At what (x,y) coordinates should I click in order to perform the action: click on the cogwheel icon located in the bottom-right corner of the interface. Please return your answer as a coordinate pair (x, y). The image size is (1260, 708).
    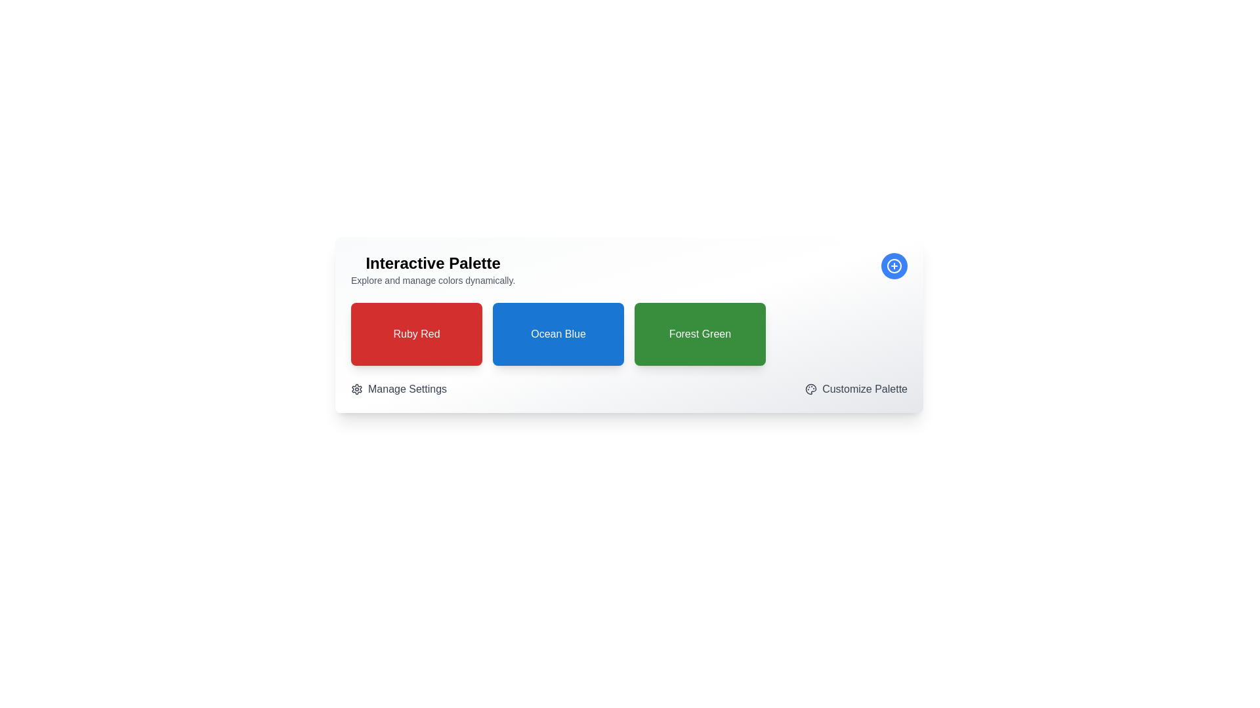
    Looking at the image, I should click on (356, 389).